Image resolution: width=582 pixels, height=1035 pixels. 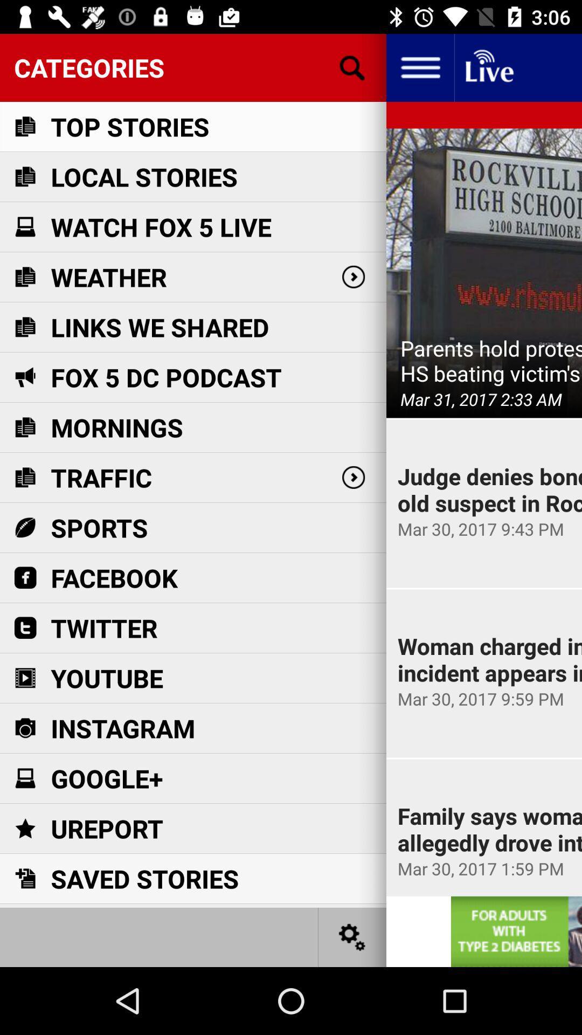 I want to click on advertisement image, so click(x=516, y=931).